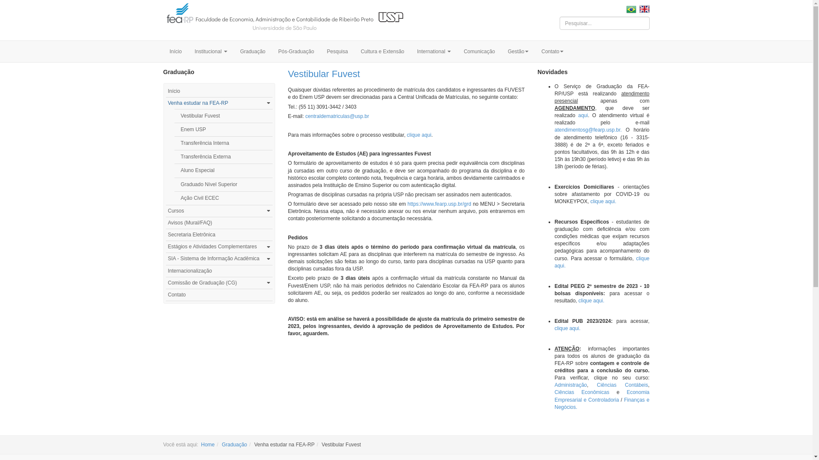 The width and height of the screenshot is (819, 460). I want to click on 'FEA-RP/USP', so click(284, 19).